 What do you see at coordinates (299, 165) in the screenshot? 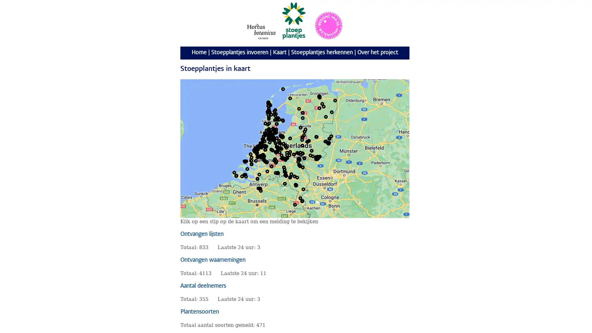
I see `Telling van op 11 maart 2022` at bounding box center [299, 165].